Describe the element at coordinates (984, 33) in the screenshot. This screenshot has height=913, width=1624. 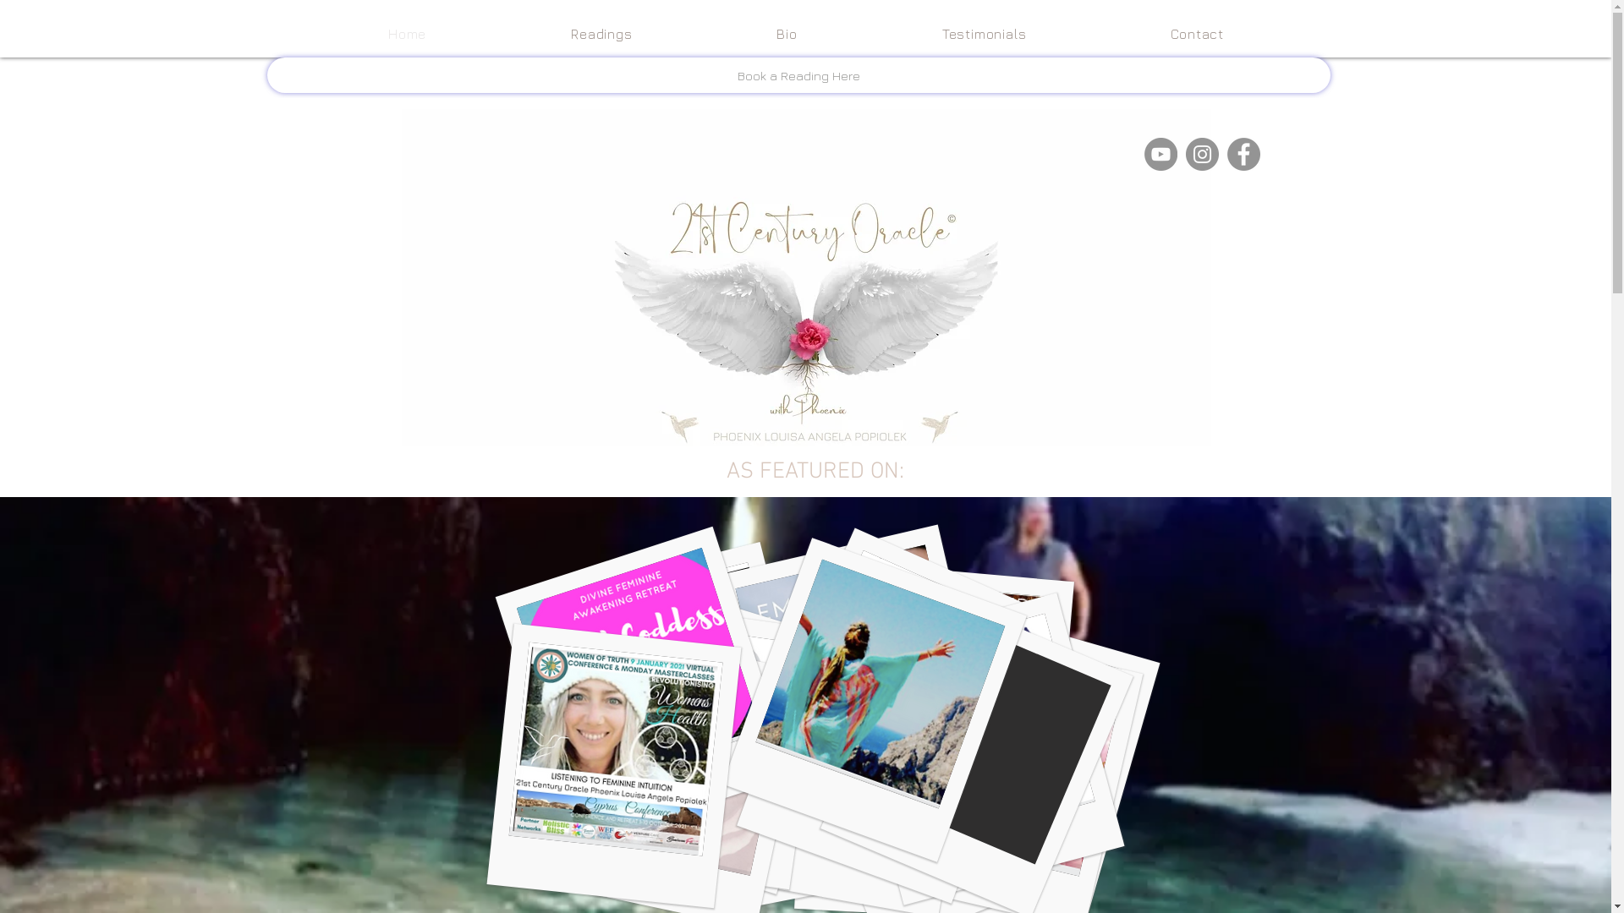
I see `'Testimonials'` at that location.